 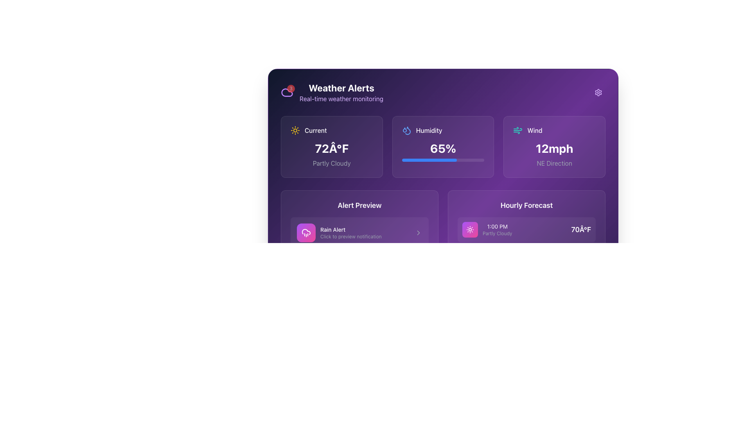 What do you see at coordinates (443, 147) in the screenshot?
I see `the Information card that displays the current humidity level as a percentage, positioned in the middle of a 3-column layout grid` at bounding box center [443, 147].